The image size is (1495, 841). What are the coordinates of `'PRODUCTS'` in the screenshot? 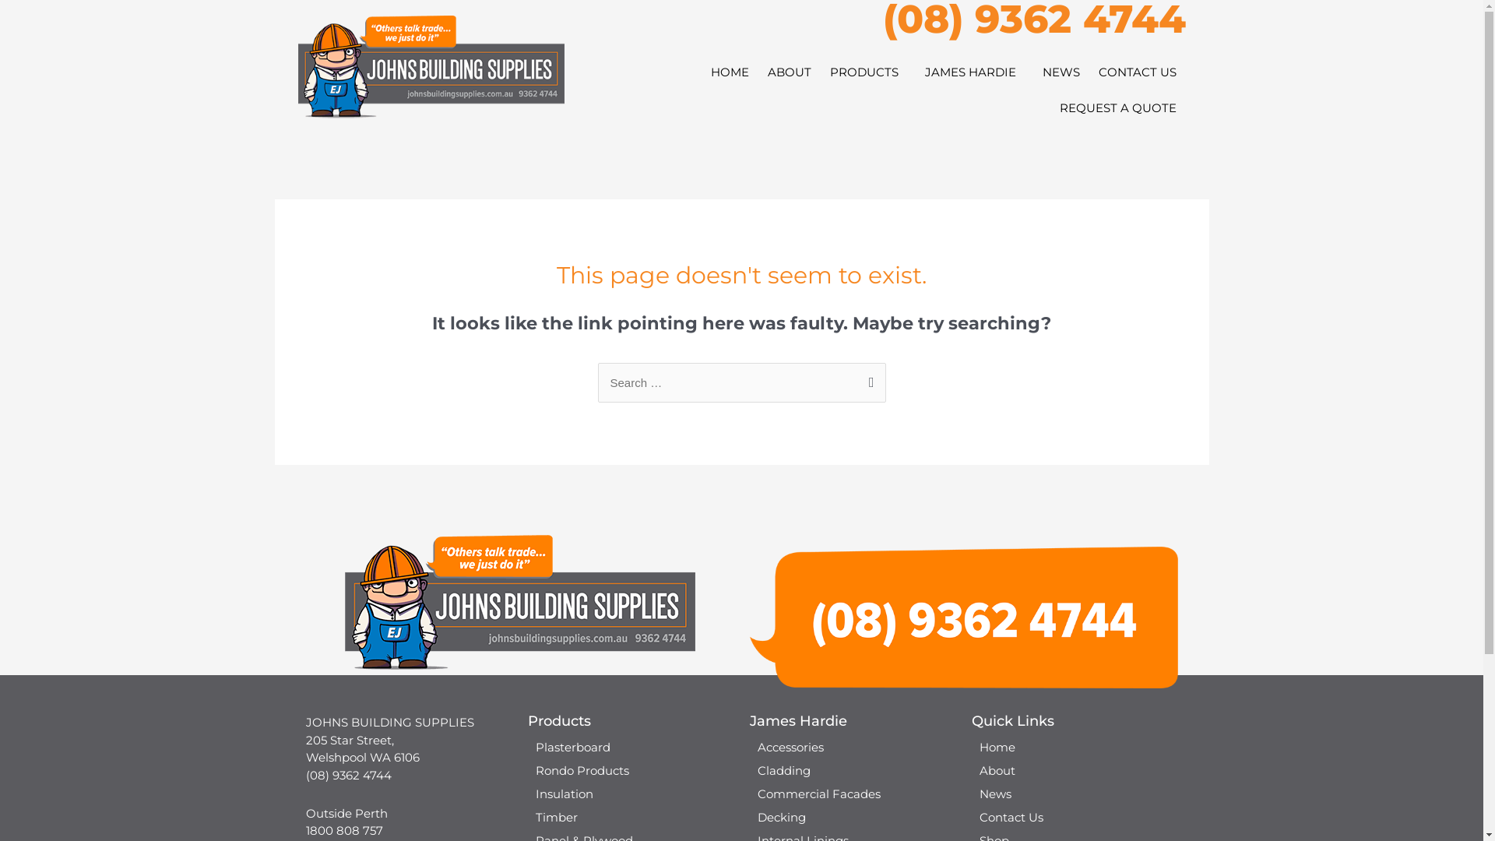 It's located at (867, 72).